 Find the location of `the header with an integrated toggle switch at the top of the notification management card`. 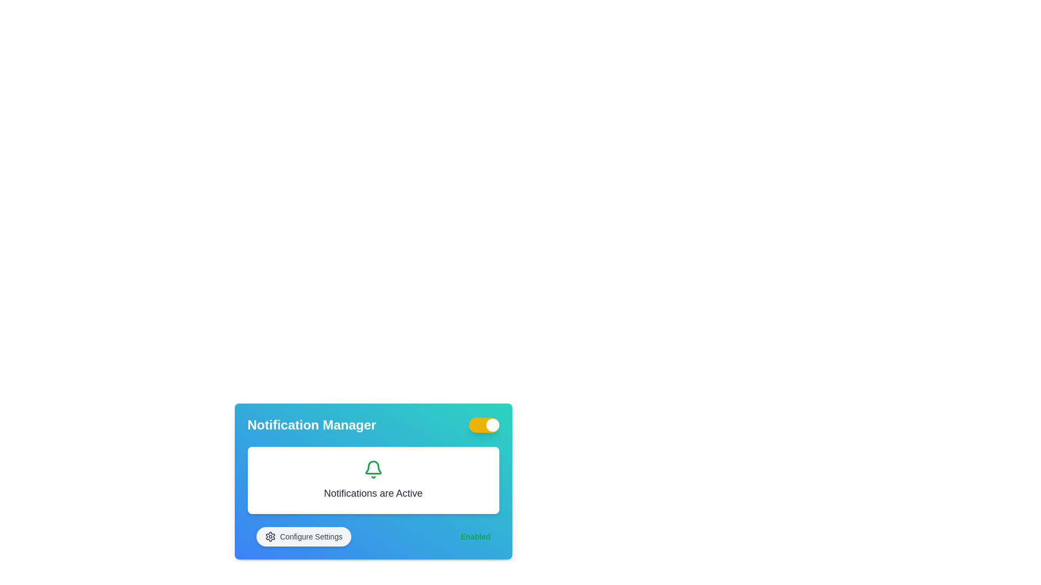

the header with an integrated toggle switch at the top of the notification management card is located at coordinates (373, 425).